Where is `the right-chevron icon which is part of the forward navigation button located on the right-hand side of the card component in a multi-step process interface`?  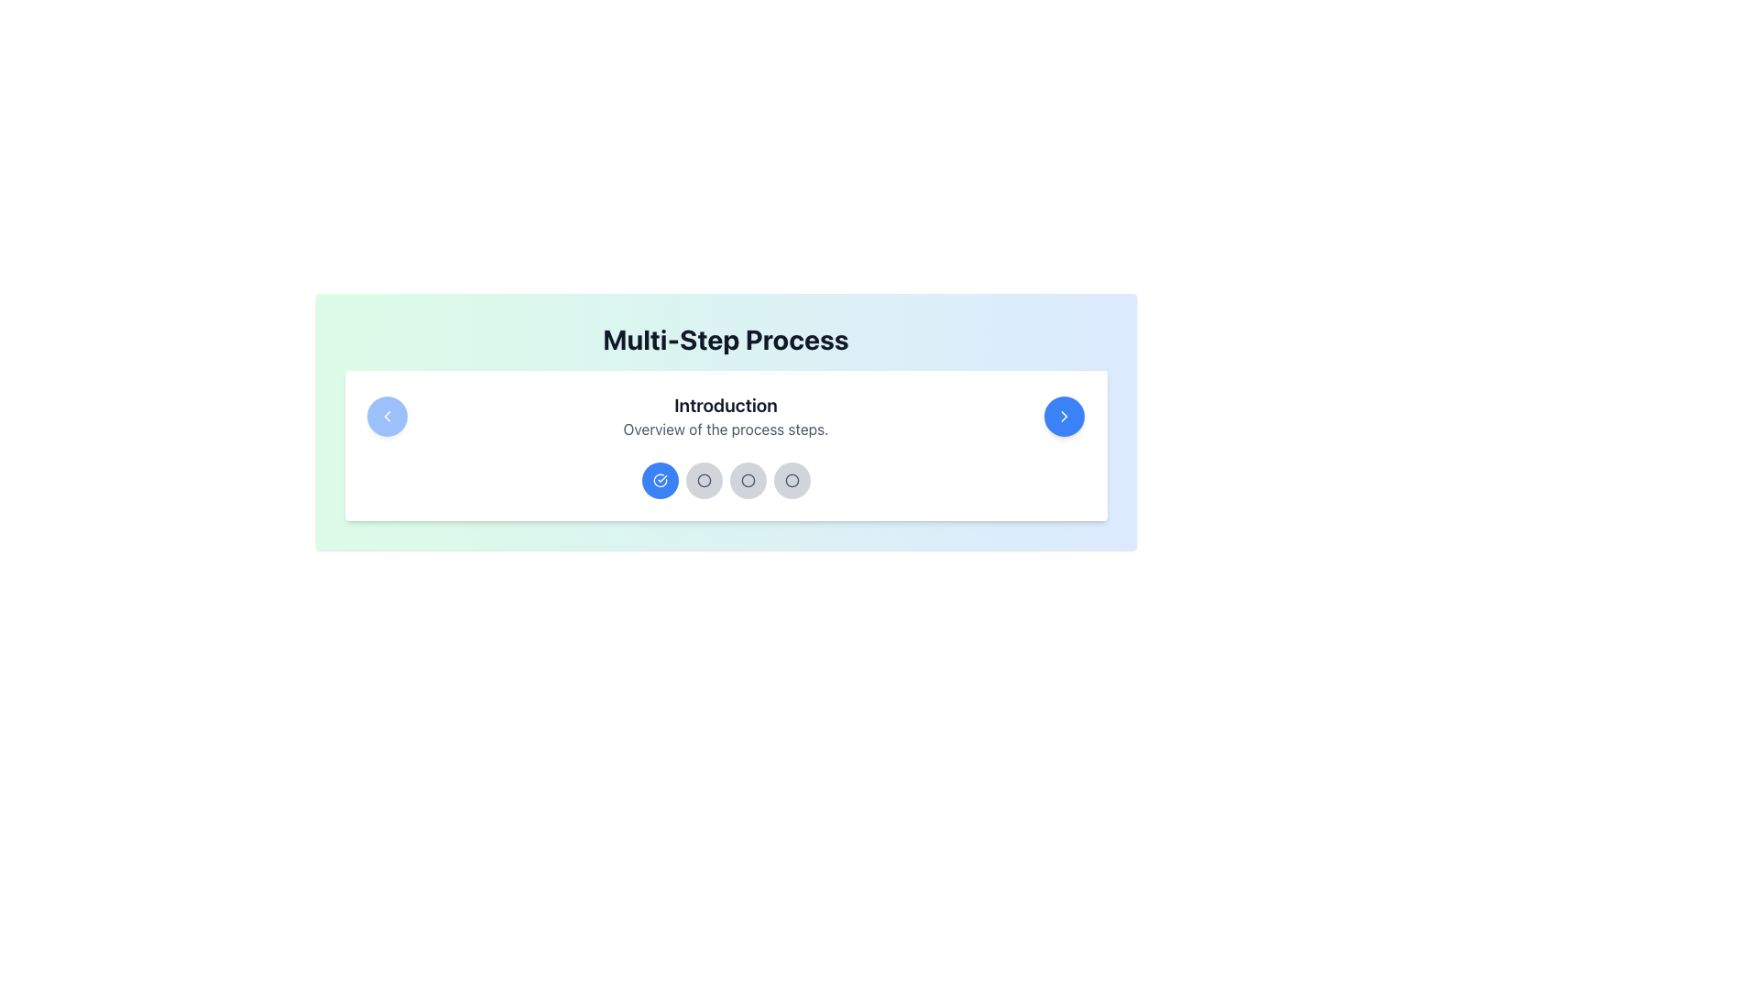
the right-chevron icon which is part of the forward navigation button located on the right-hand side of the card component in a multi-step process interface is located at coordinates (1065, 417).